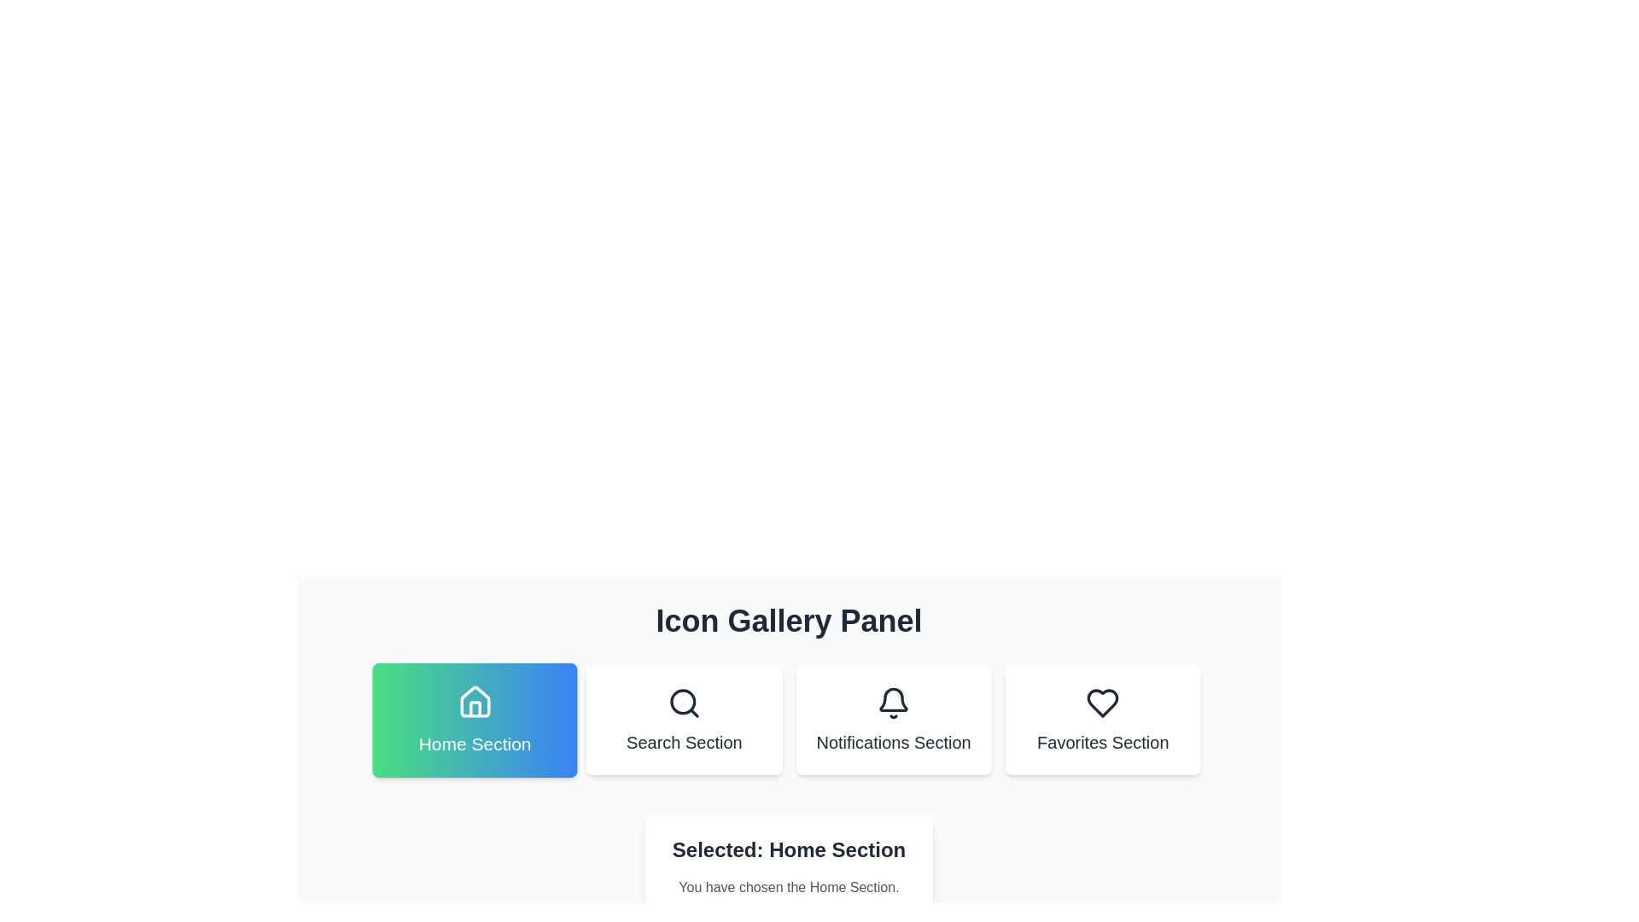  What do you see at coordinates (684, 703) in the screenshot?
I see `the magnifying glass icon located within the 'Search Section' button` at bounding box center [684, 703].